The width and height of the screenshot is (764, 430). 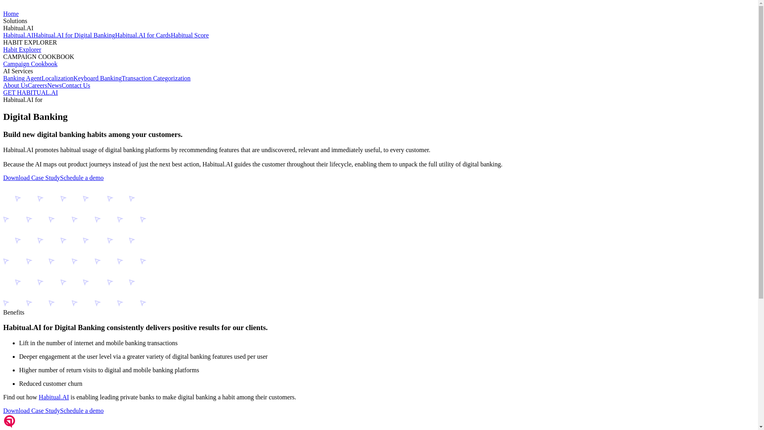 I want to click on 'GET HABITUAL.AI', so click(x=30, y=92).